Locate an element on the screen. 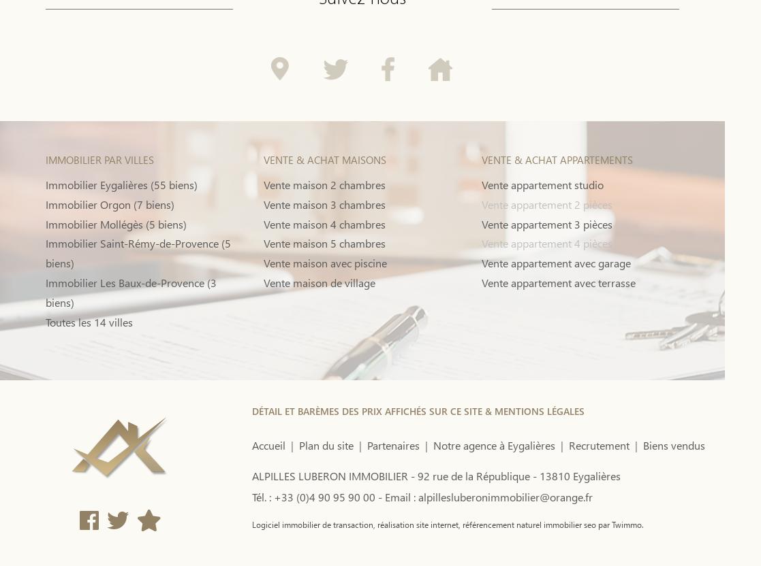 This screenshot has height=566, width=761. 'Vente maison 3 chambres' is located at coordinates (264, 203).